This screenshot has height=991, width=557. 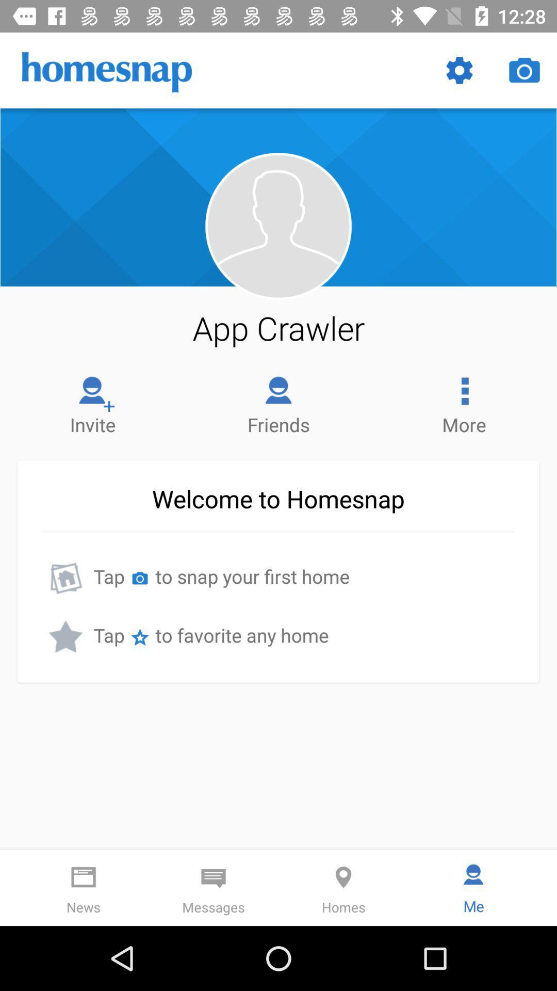 What do you see at coordinates (463, 402) in the screenshot?
I see `item above welcome to homesnap icon` at bounding box center [463, 402].